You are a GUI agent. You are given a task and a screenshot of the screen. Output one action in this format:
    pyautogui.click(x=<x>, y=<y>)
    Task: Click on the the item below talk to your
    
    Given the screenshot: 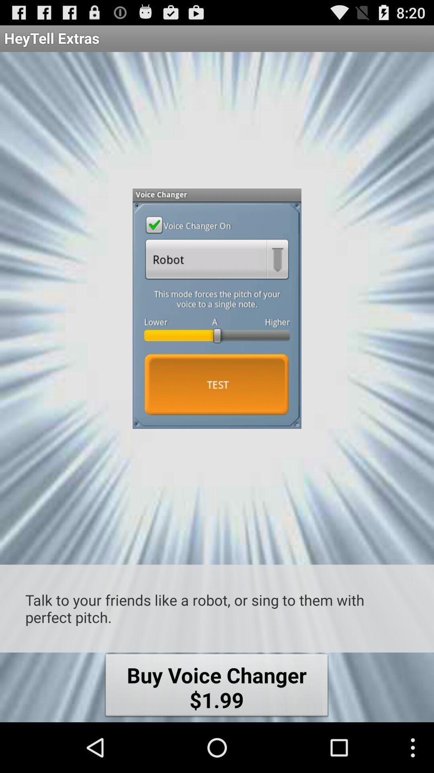 What is the action you would take?
    pyautogui.click(x=216, y=687)
    